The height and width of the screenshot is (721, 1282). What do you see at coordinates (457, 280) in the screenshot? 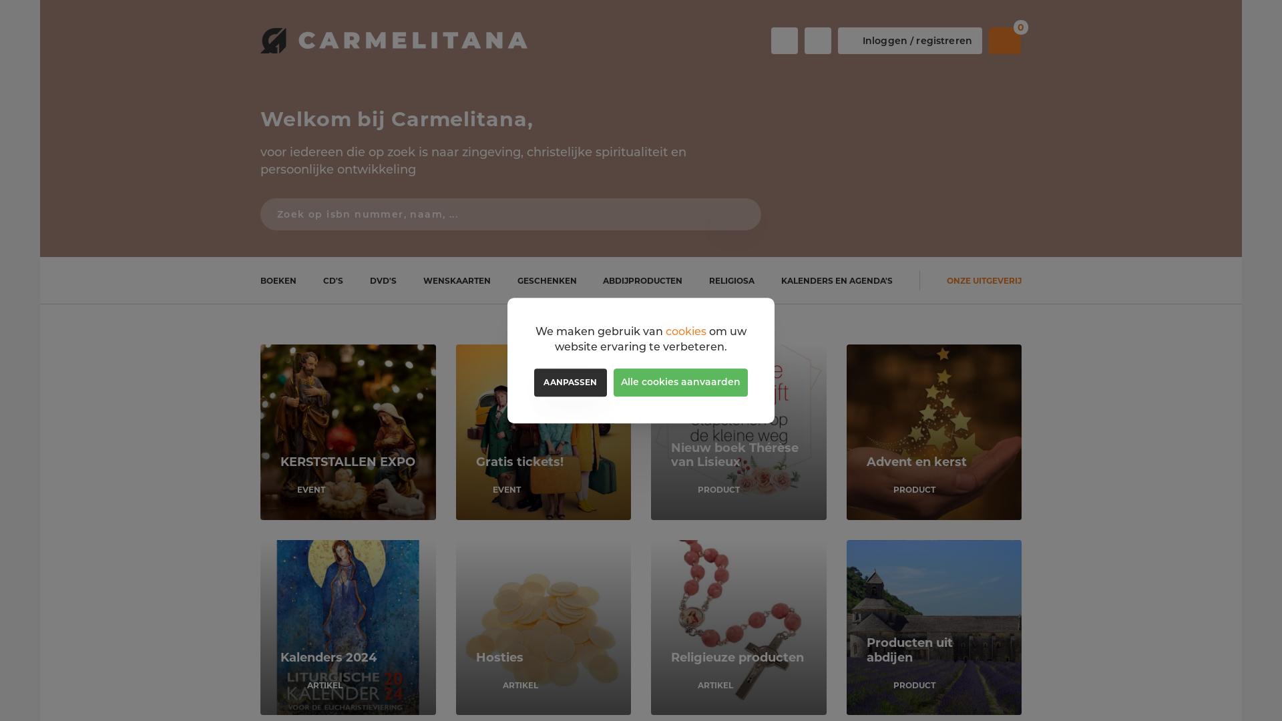
I see `'WENSKAARTEN'` at bounding box center [457, 280].